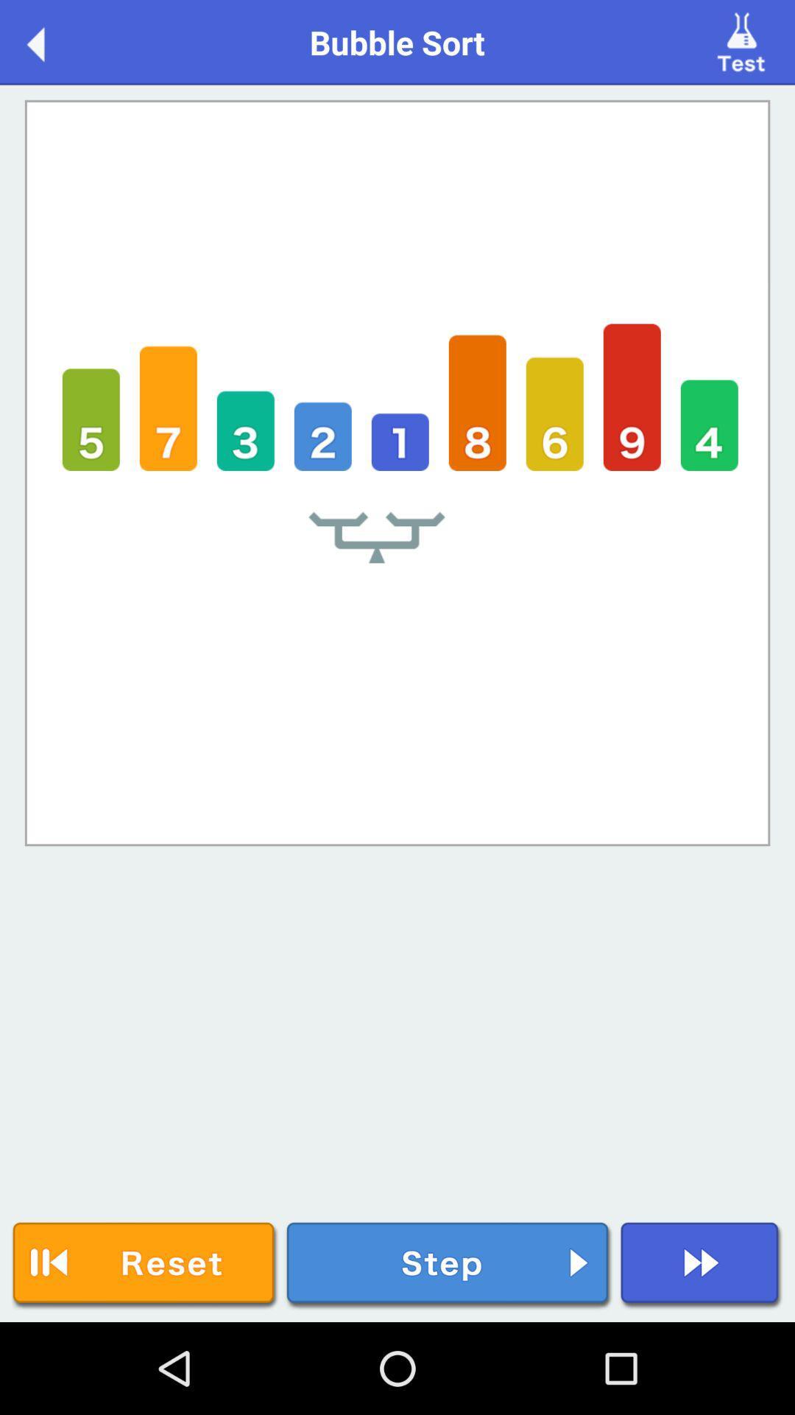  I want to click on reset, so click(145, 1265).